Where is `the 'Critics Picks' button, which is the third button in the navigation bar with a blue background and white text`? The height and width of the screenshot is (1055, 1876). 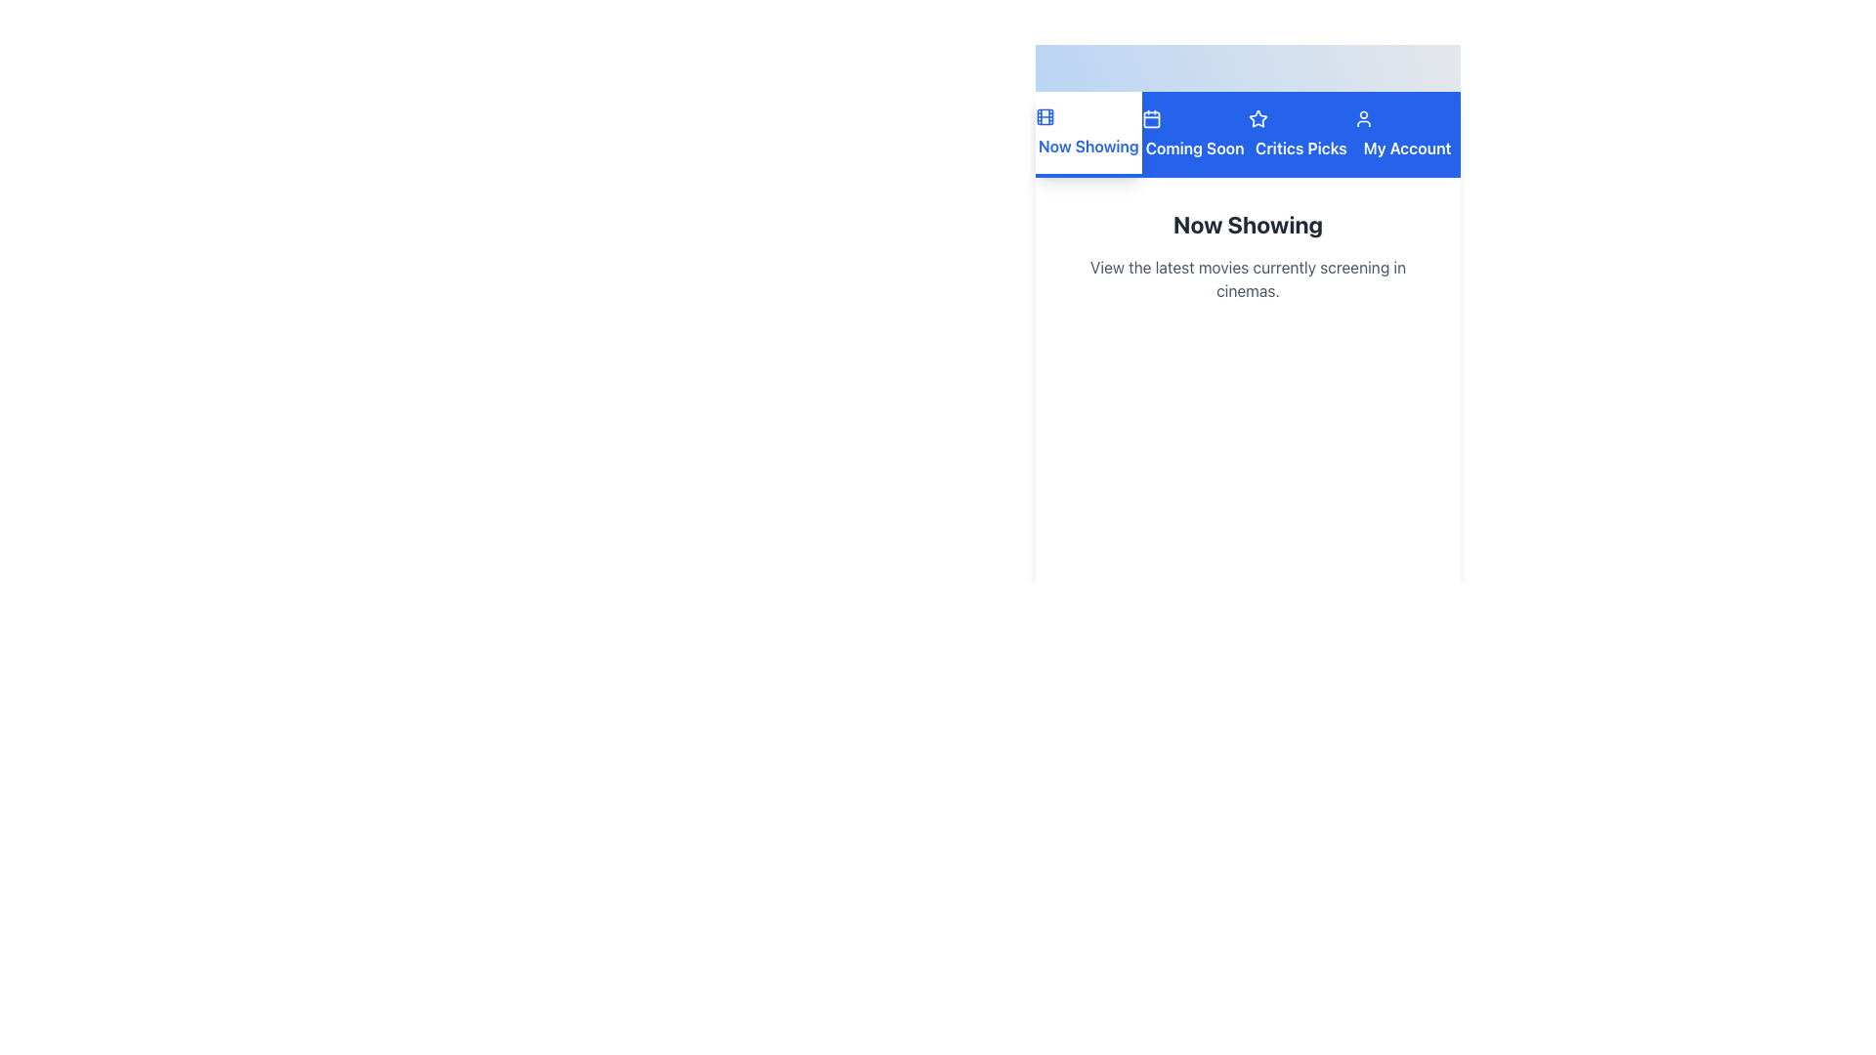
the 'Critics Picks' button, which is the third button in the navigation bar with a blue background and white text is located at coordinates (1300, 134).